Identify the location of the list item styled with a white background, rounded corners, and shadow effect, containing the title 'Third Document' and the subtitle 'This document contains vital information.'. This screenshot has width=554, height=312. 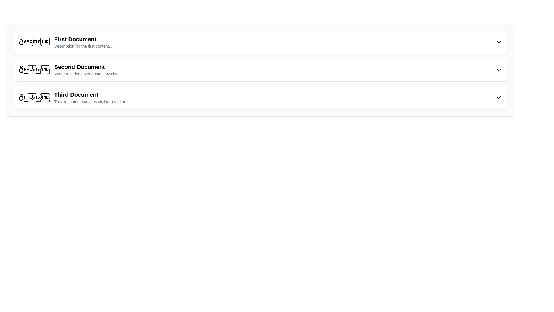
(260, 97).